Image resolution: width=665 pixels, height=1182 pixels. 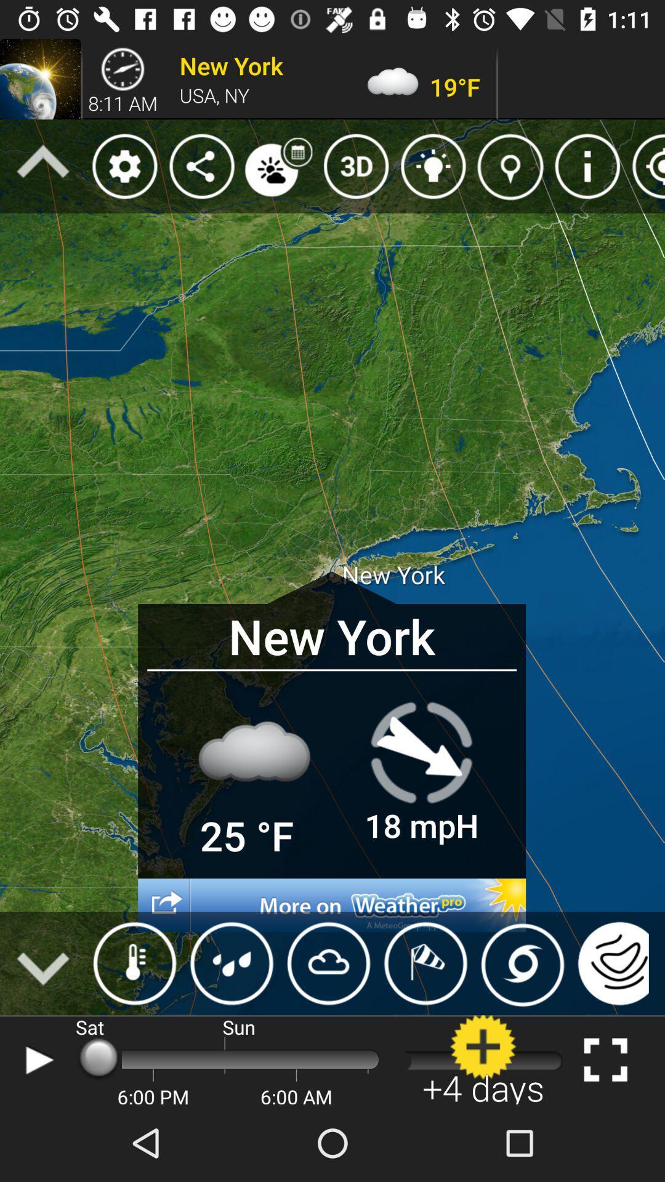 What do you see at coordinates (510, 166) in the screenshot?
I see `the icon which is to the immediate left of information icon` at bounding box center [510, 166].